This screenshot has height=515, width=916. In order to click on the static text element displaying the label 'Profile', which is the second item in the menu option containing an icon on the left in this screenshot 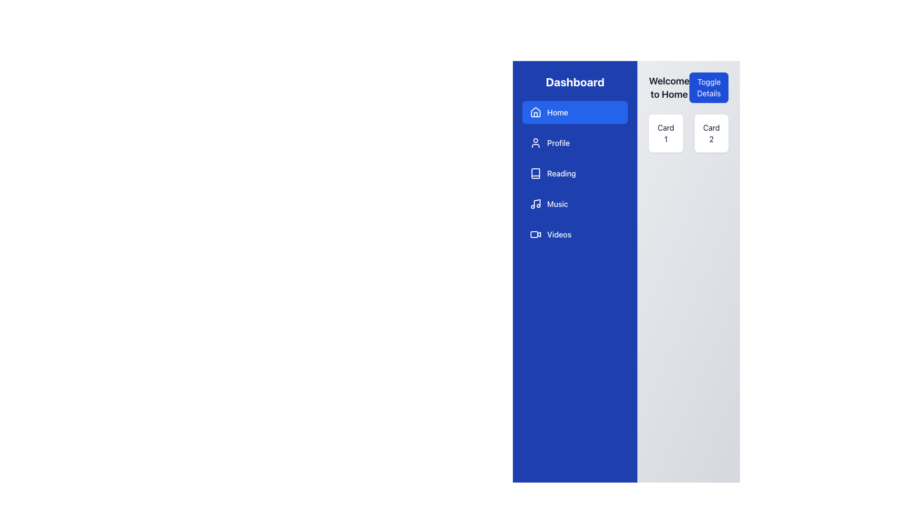, I will do `click(558, 143)`.